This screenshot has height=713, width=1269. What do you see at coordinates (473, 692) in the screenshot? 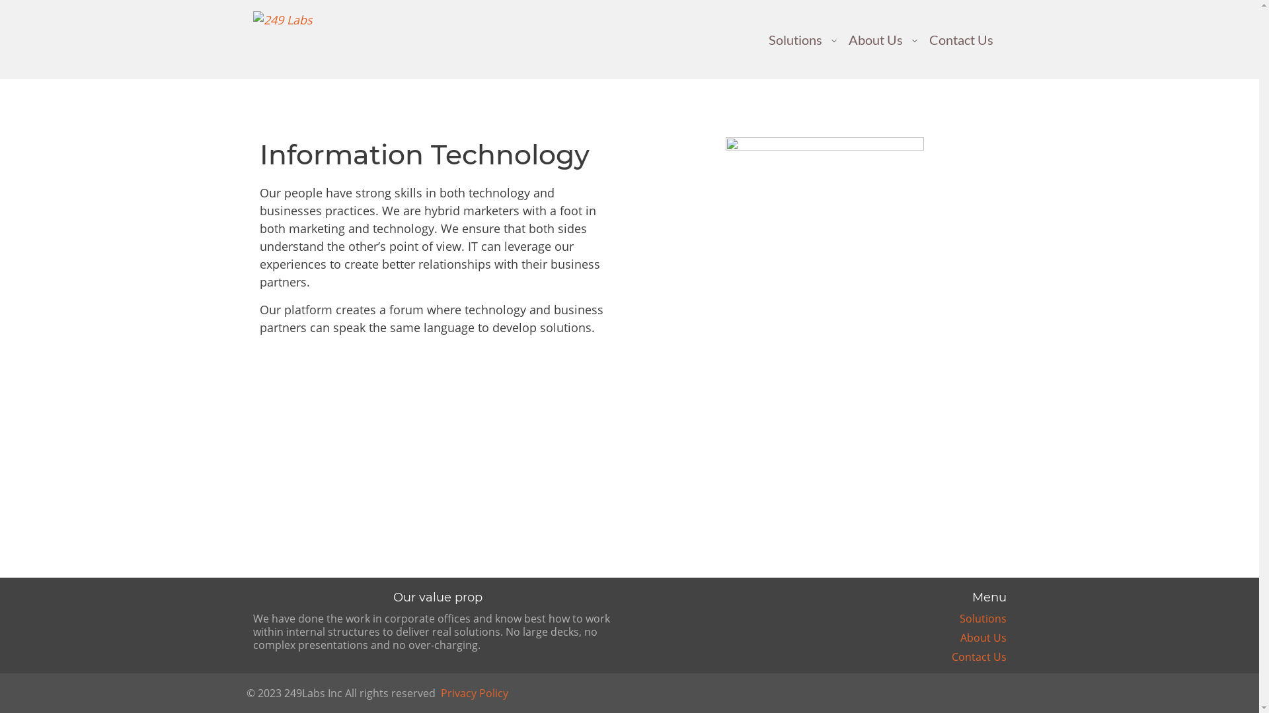
I see `'Privacy Policy'` at bounding box center [473, 692].